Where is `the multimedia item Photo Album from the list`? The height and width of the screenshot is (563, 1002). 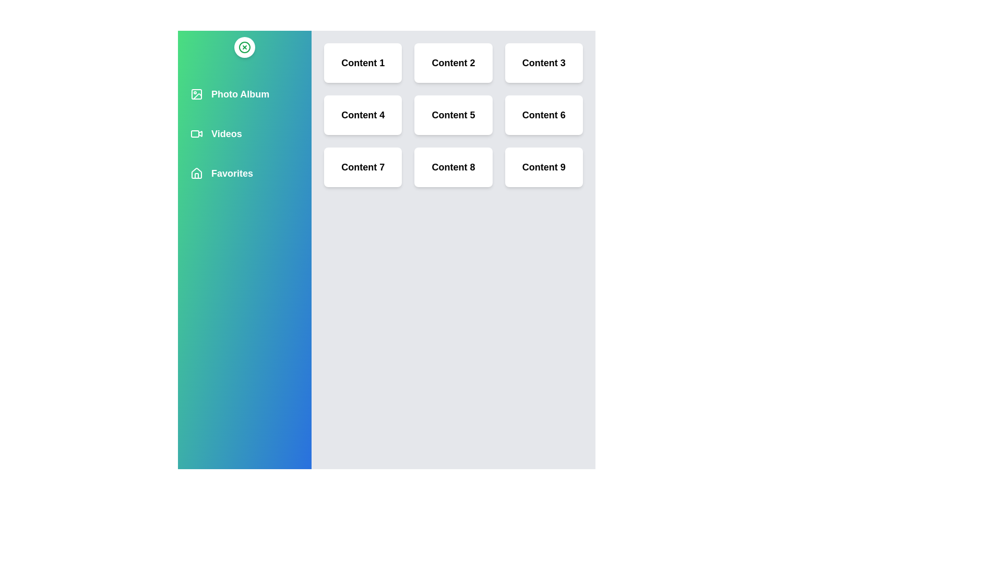
the multimedia item Photo Album from the list is located at coordinates (247, 94).